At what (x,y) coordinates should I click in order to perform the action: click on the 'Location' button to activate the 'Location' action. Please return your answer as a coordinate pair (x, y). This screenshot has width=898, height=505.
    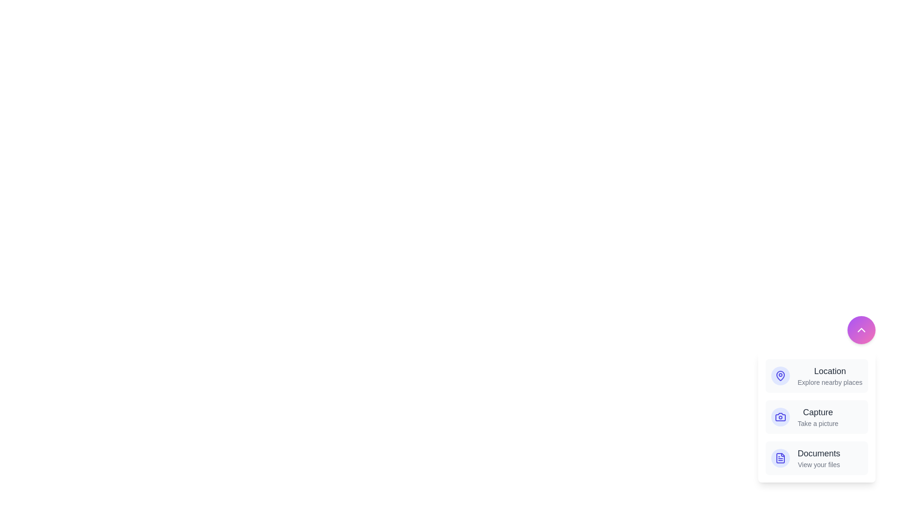
    Looking at the image, I should click on (816, 375).